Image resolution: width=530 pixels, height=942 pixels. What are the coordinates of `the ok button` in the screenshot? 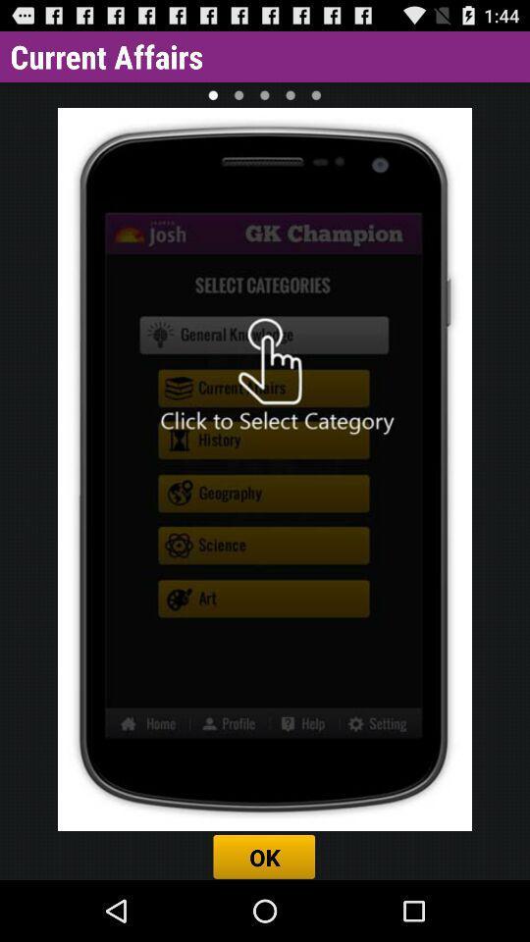 It's located at (265, 856).